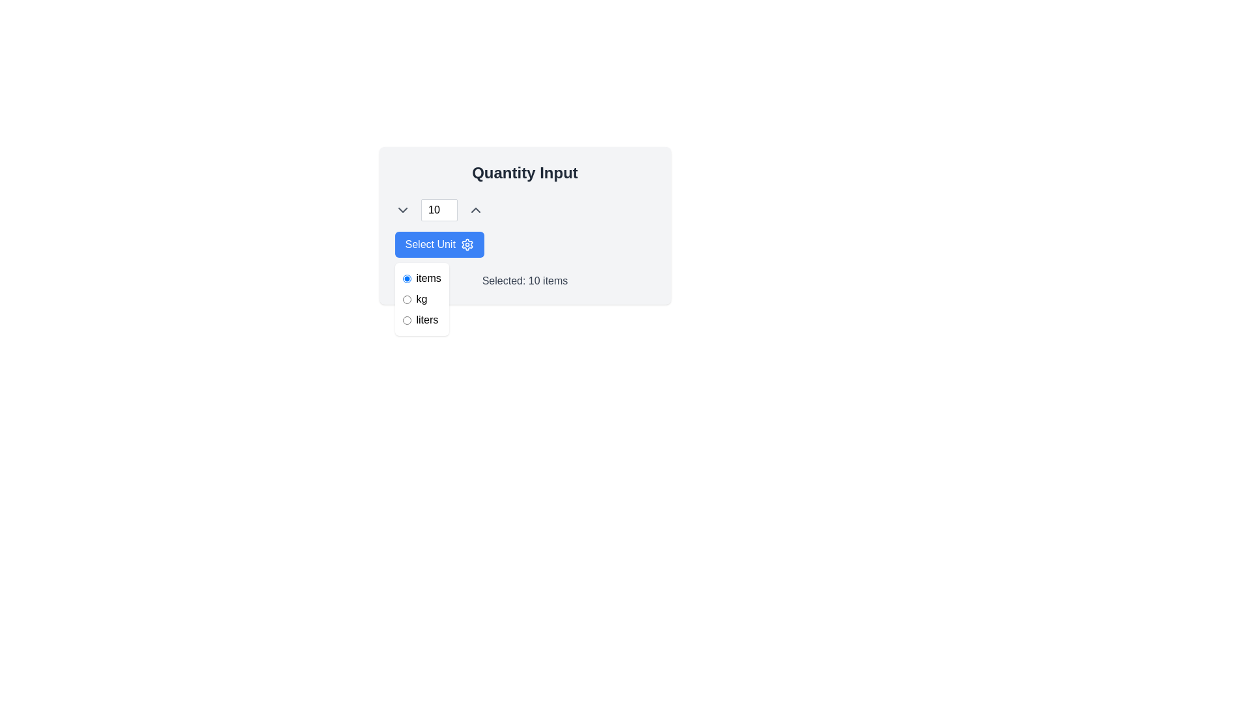 This screenshot has width=1250, height=703. I want to click on the gear icon located to the right of the 'Select Unit' button, which is styled in blue and has a simple design typical of settings icons, so click(467, 244).